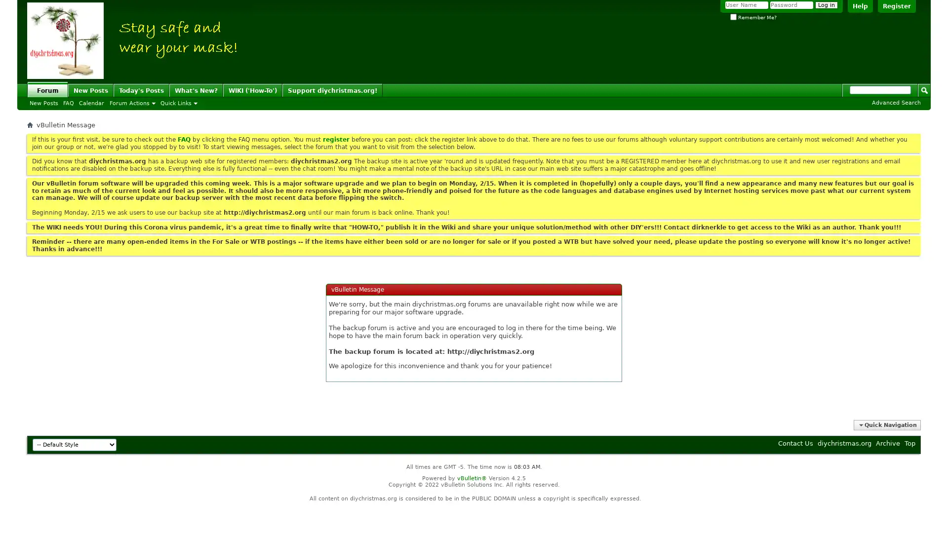  Describe the element at coordinates (924, 89) in the screenshot. I see `Submit` at that location.